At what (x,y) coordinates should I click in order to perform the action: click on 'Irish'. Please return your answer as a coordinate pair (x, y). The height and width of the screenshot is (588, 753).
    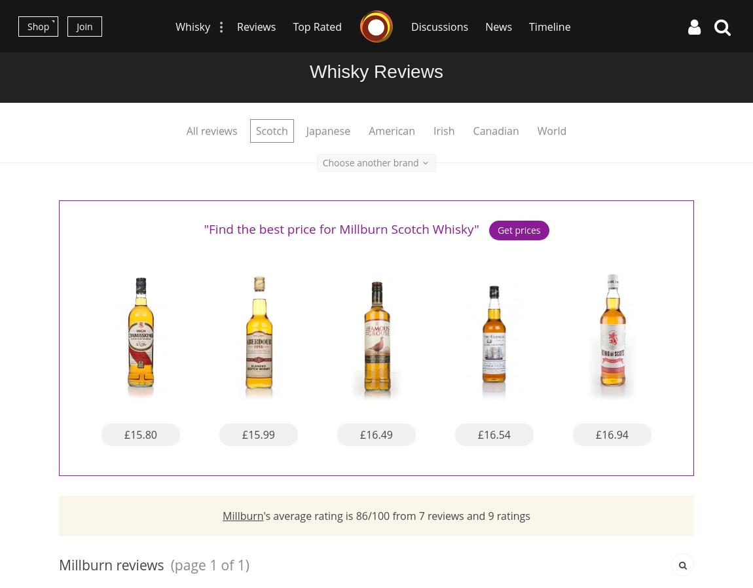
    Looking at the image, I should click on (443, 130).